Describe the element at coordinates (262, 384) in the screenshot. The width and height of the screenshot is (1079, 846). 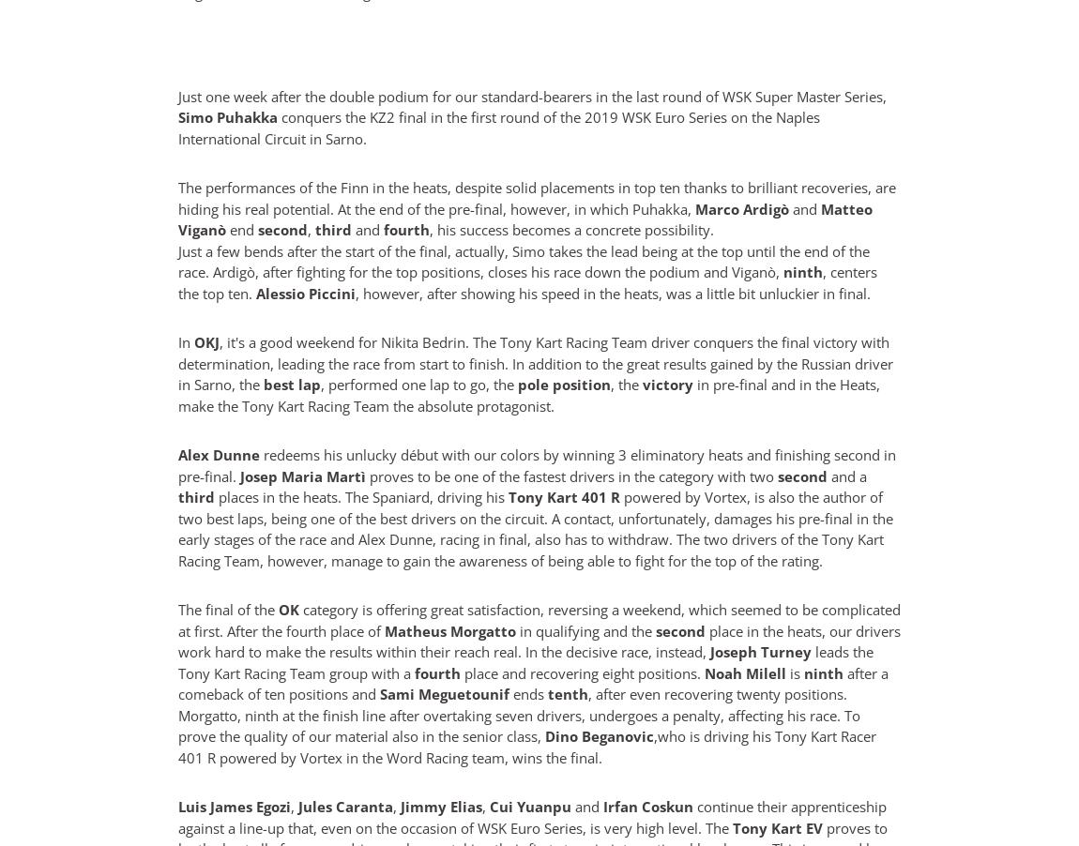
I see `'best lap'` at that location.